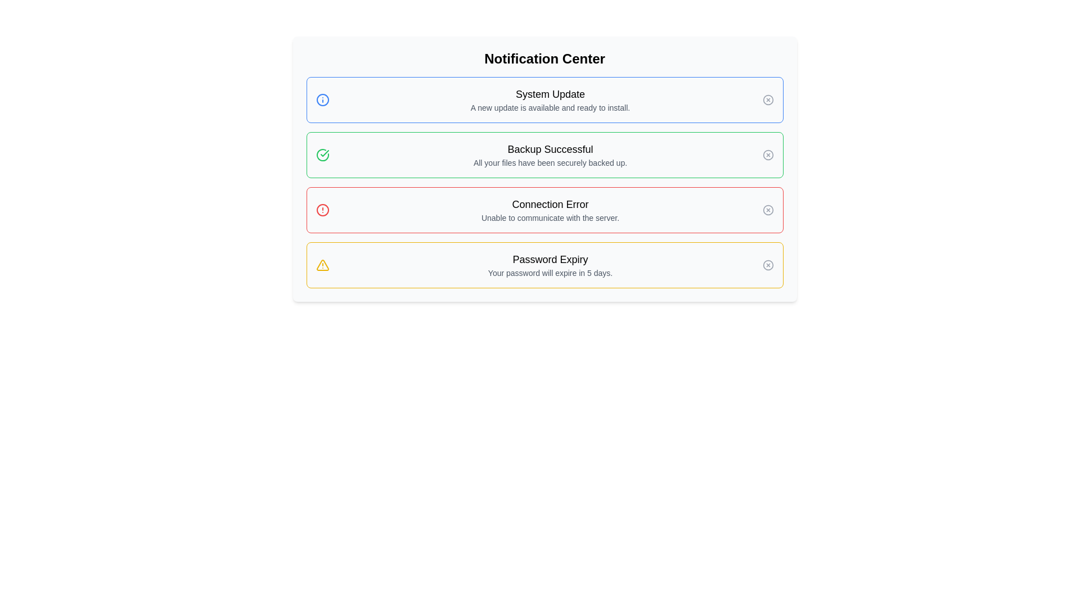 The height and width of the screenshot is (607, 1080). I want to click on the cross symbol button located at the far-right end of the 'Password Expiry' notification section, so click(767, 265).